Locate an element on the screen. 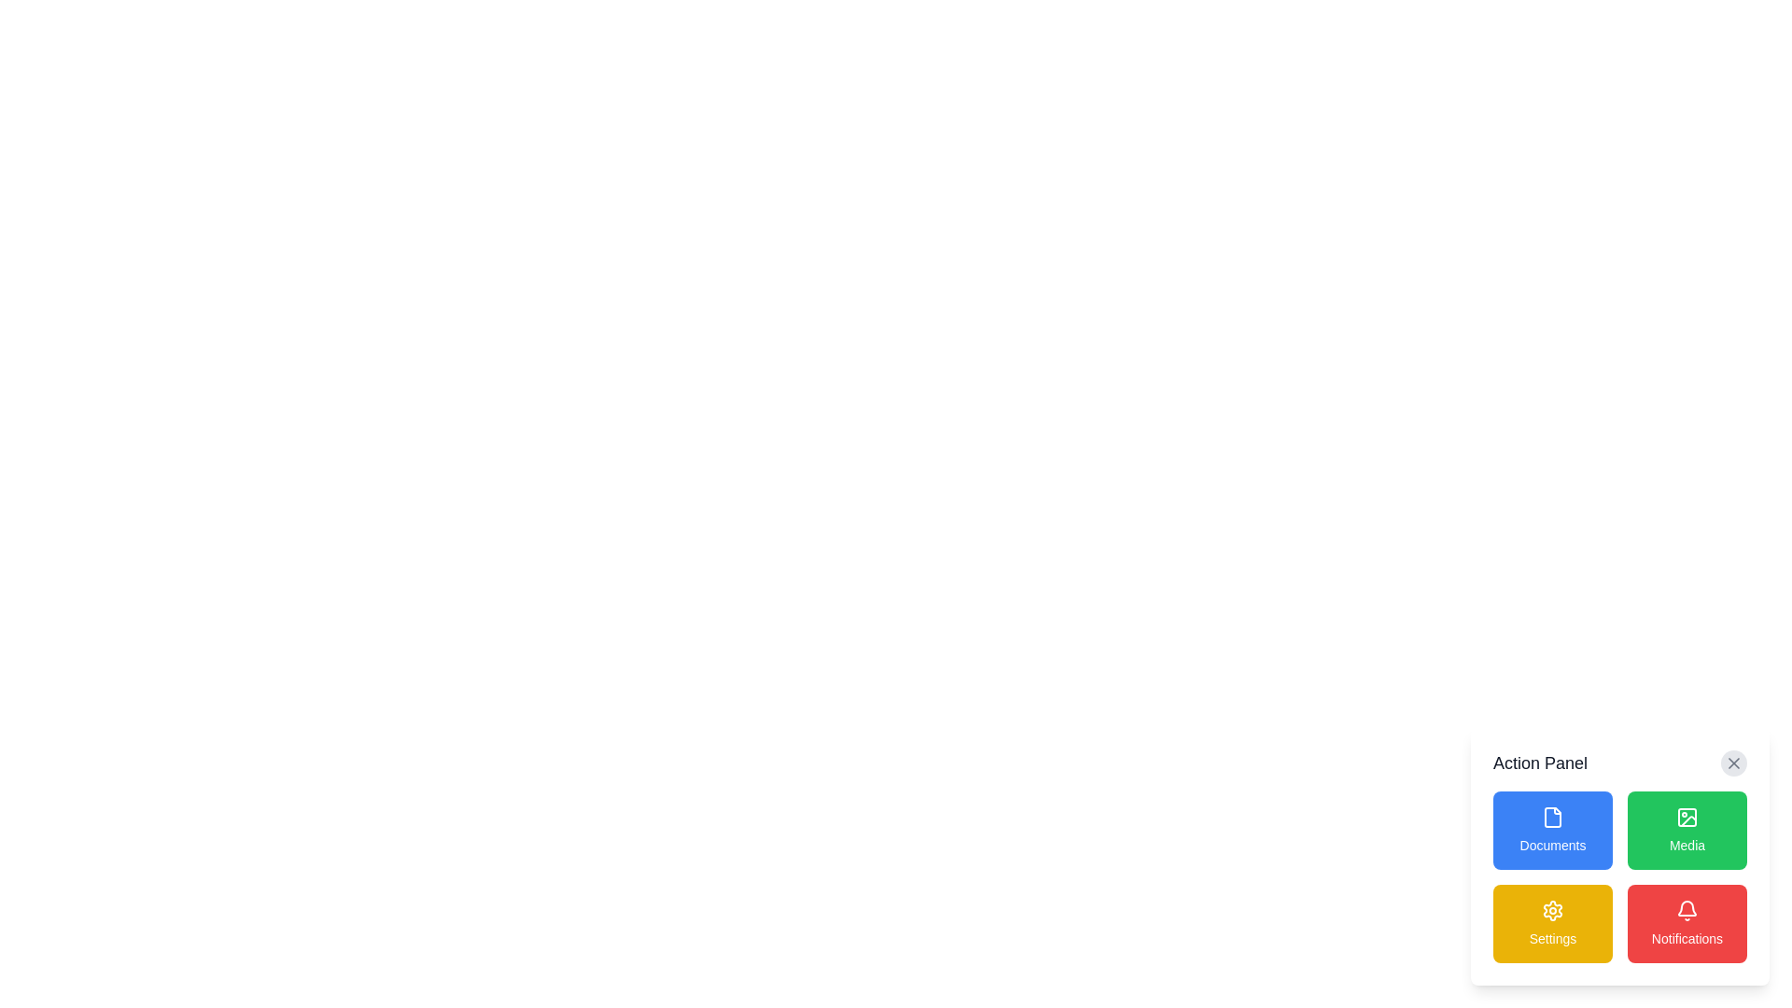  the green 'Media' button with rounded corners that contains an image outline icon and a white text label below it is located at coordinates (1687, 830).